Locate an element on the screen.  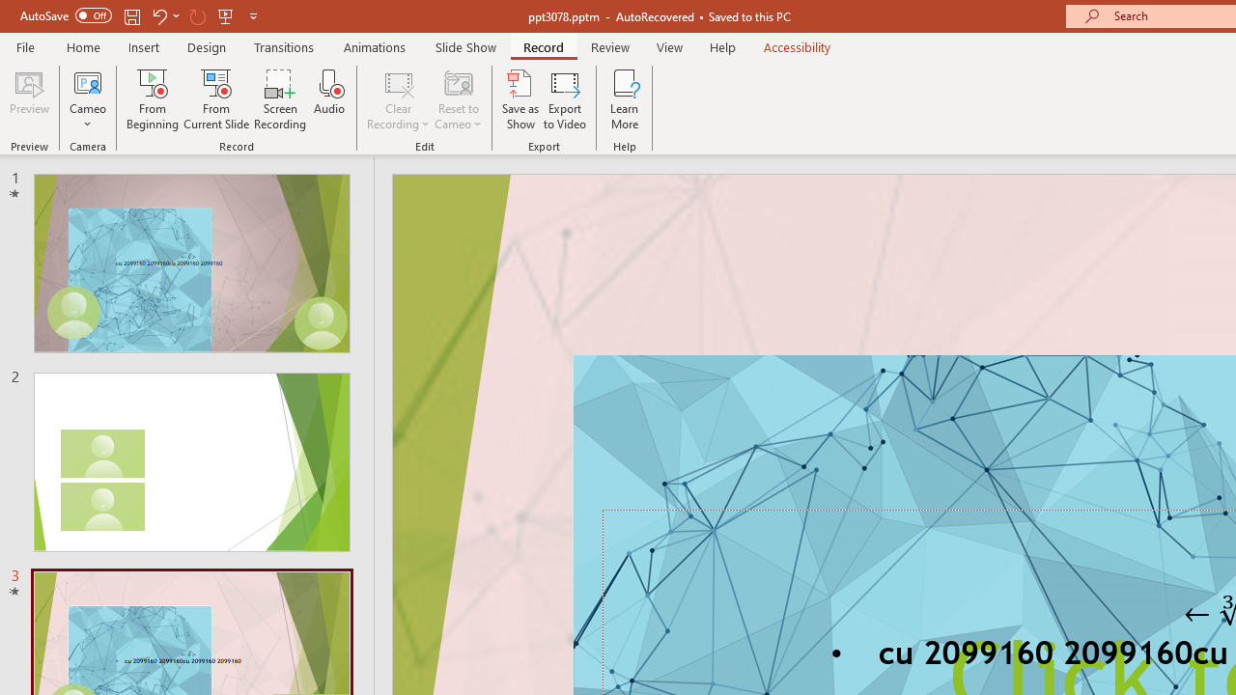
'Clear Recording' is located at coordinates (397, 99).